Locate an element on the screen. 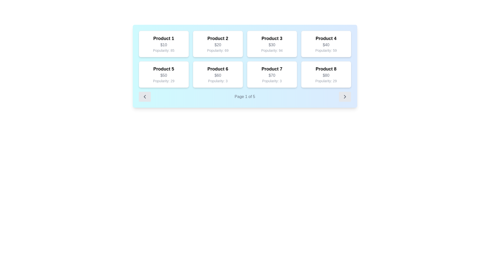  the popularity information label for 'Product 4' located in the top-right section of the grid is located at coordinates (326, 50).